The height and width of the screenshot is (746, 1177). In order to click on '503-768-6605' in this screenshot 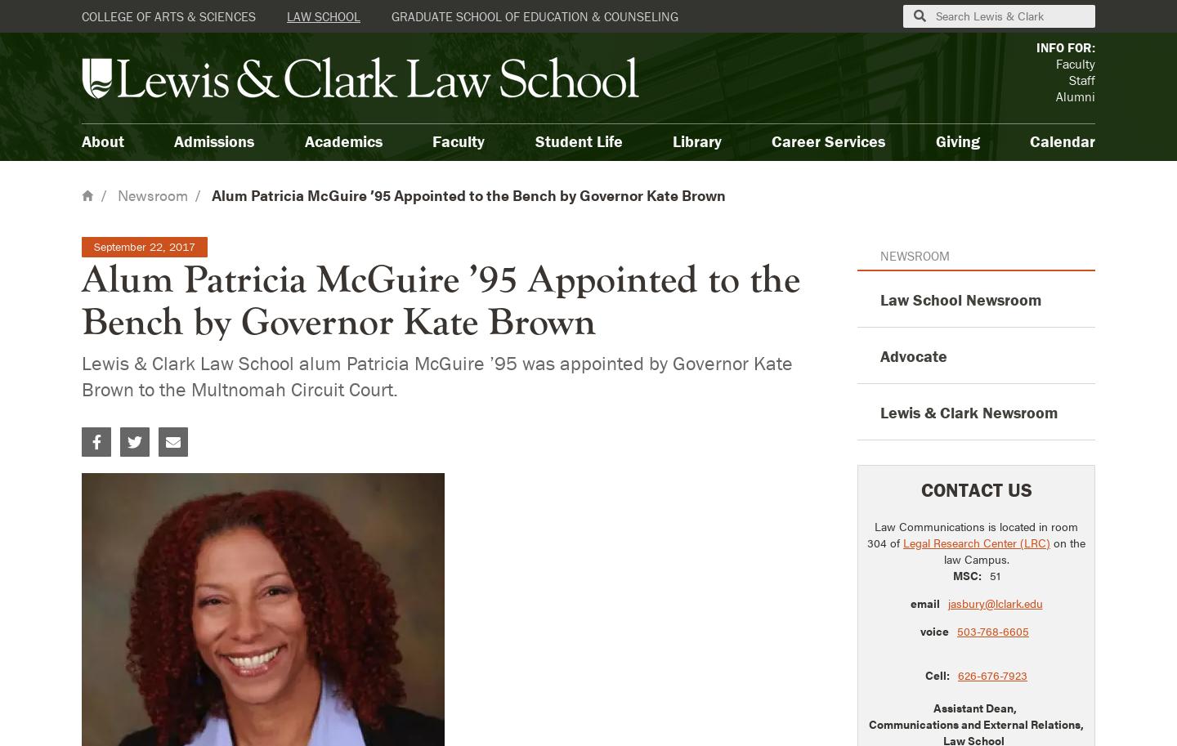, I will do `click(992, 630)`.